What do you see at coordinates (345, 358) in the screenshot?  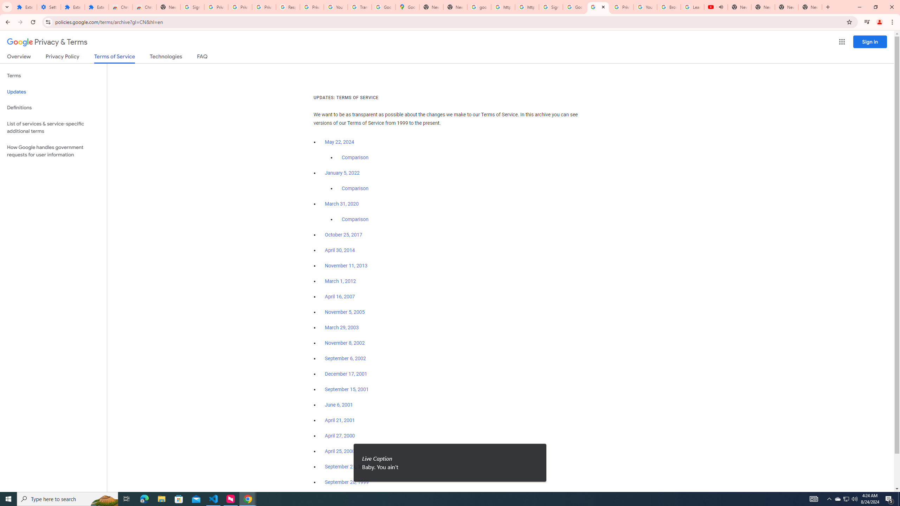 I see `'September 6, 2002'` at bounding box center [345, 358].